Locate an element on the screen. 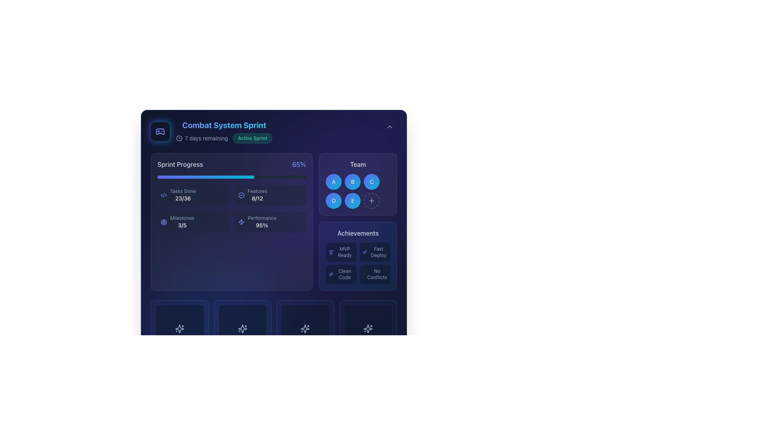  the small circular clock icon located to the left of the text '7 days remaining', which is part of the horizontal grouping beneath the title 'Combat System Sprint' is located at coordinates (179, 138).